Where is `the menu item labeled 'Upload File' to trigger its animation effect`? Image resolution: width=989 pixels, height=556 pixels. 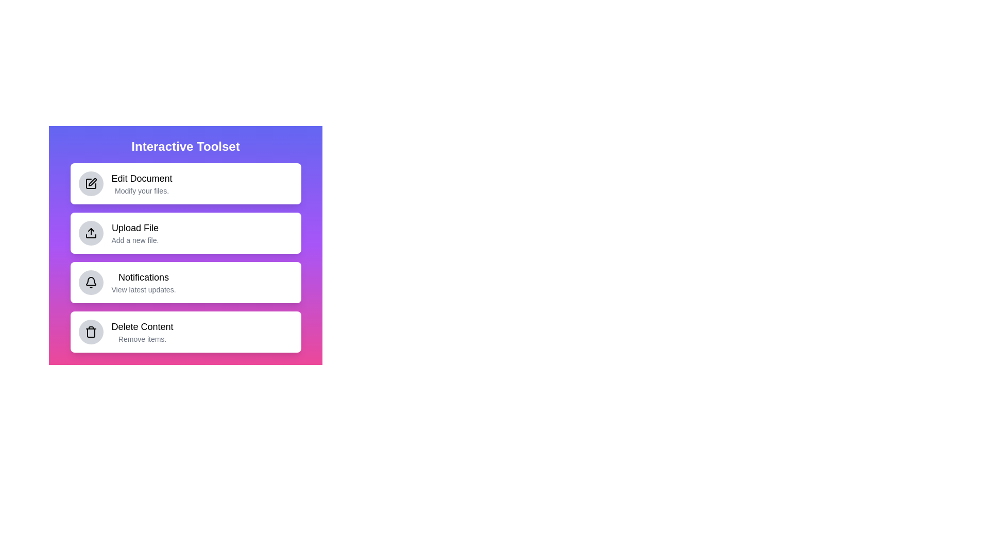 the menu item labeled 'Upload File' to trigger its animation effect is located at coordinates (185, 233).